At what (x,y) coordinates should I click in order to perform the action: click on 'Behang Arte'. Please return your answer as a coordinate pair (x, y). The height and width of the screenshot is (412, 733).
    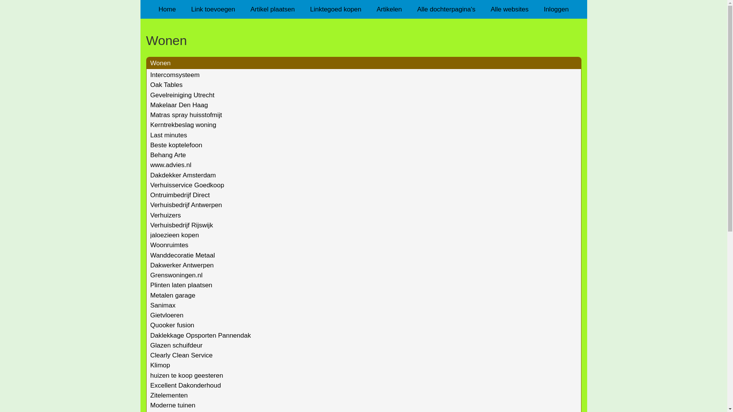
    Looking at the image, I should click on (168, 154).